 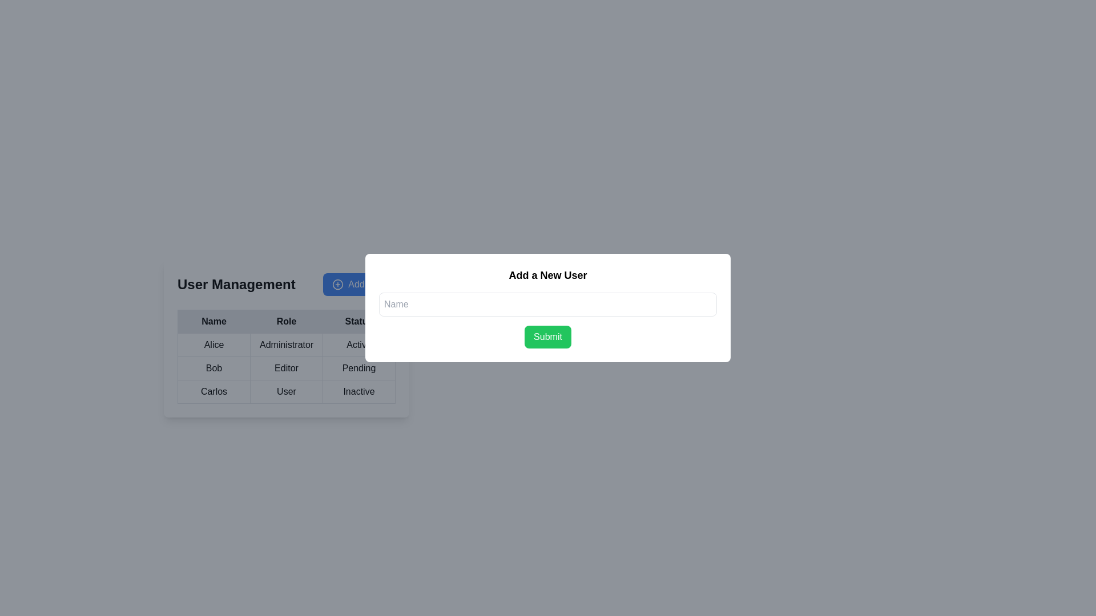 I want to click on the circular icon with a plus sign (+) located to the immediate left of the 'Add User' text in the user management interface, so click(x=337, y=283).